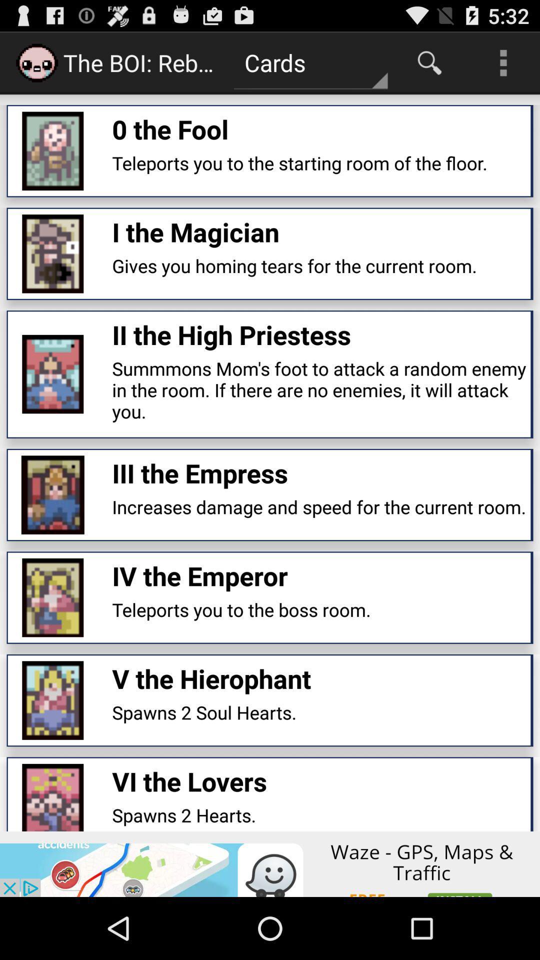  I want to click on open advertisement, so click(270, 863).